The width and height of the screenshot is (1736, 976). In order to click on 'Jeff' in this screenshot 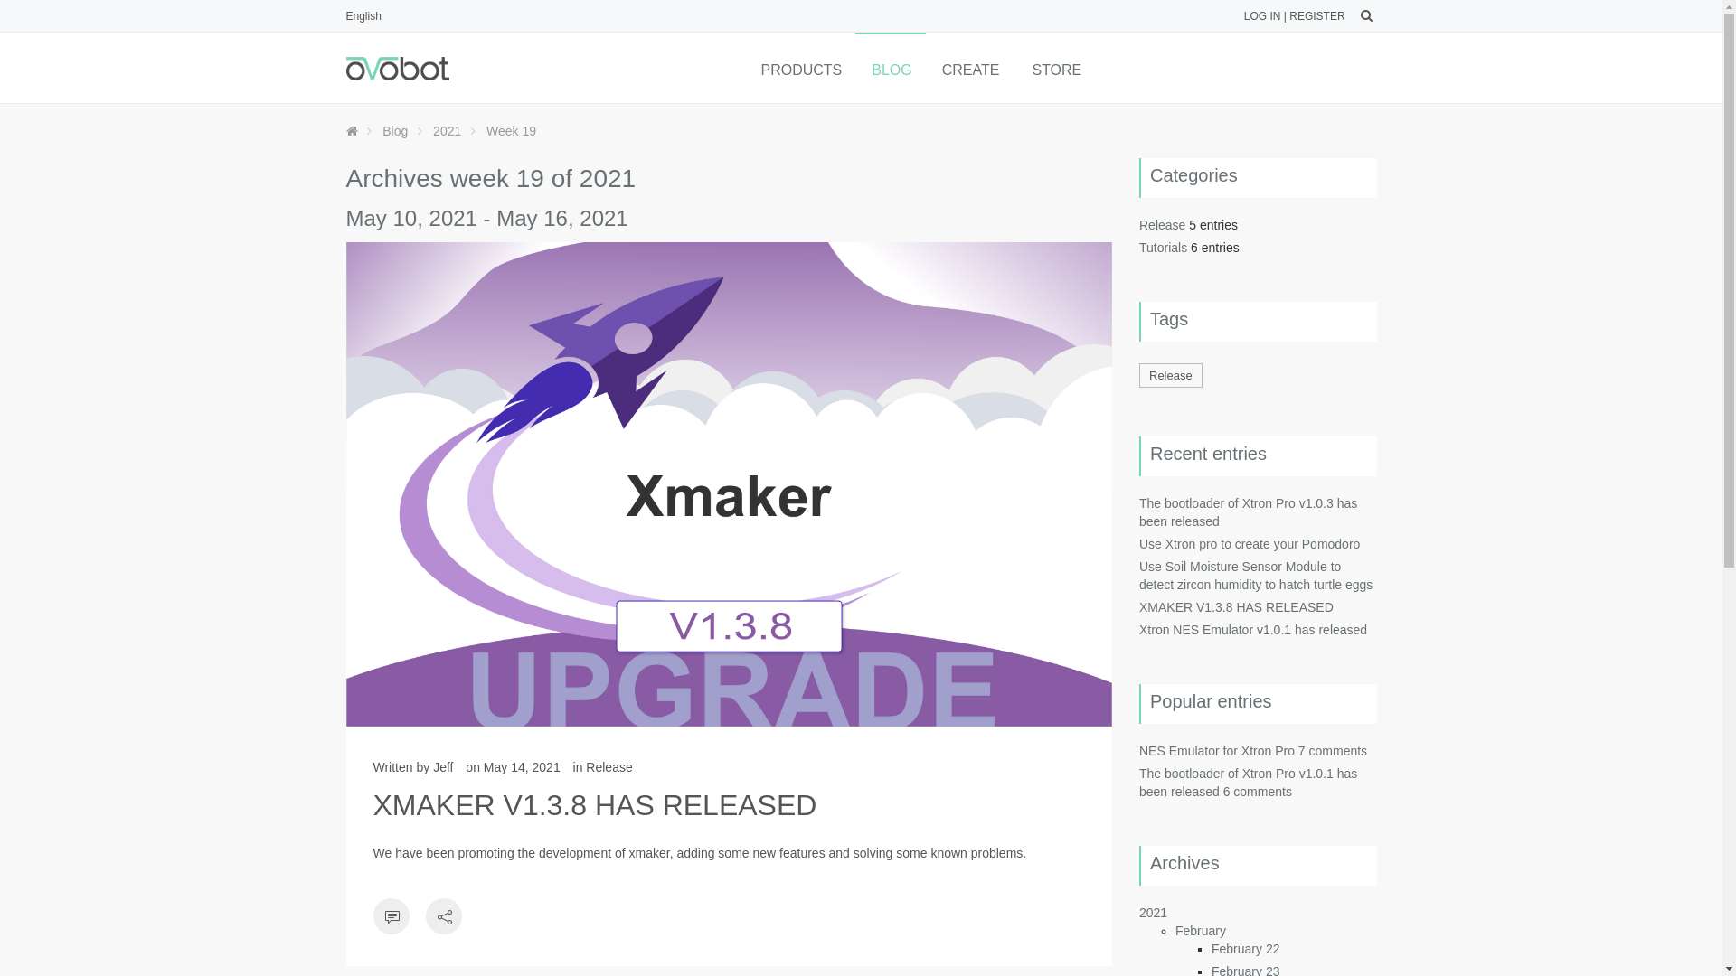, I will do `click(432, 766)`.